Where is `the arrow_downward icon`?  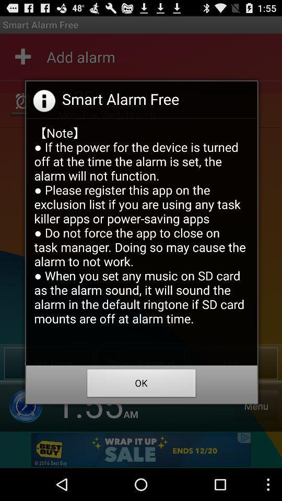 the arrow_downward icon is located at coordinates (26, 434).